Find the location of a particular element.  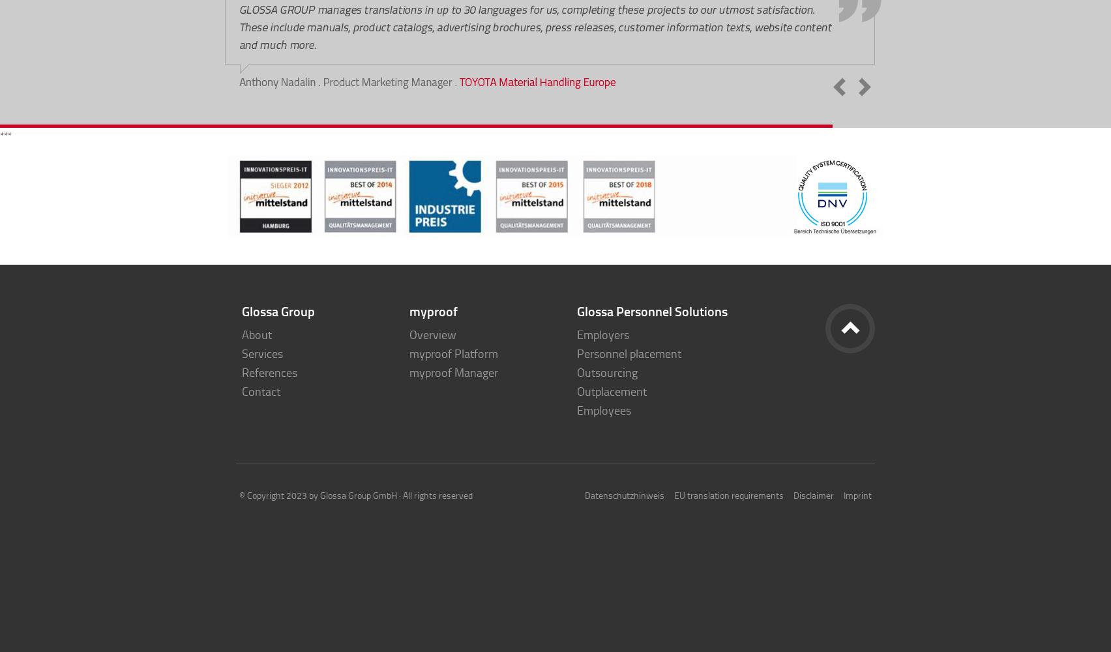

'Outsourcing' is located at coordinates (607, 372).